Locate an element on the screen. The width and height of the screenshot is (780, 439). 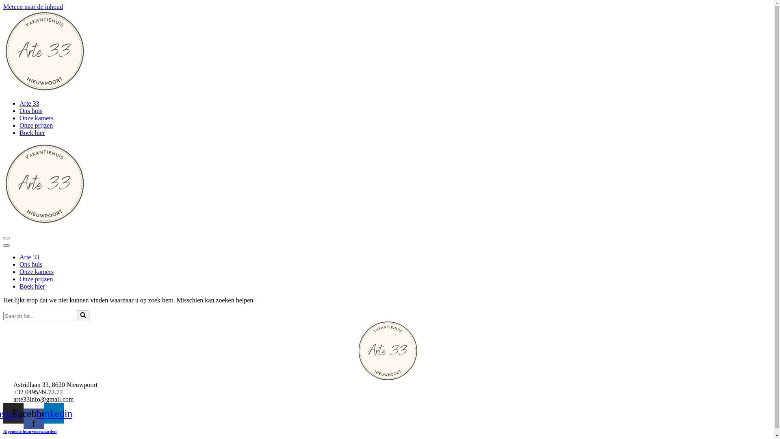
'Instagram' is located at coordinates (3, 413).